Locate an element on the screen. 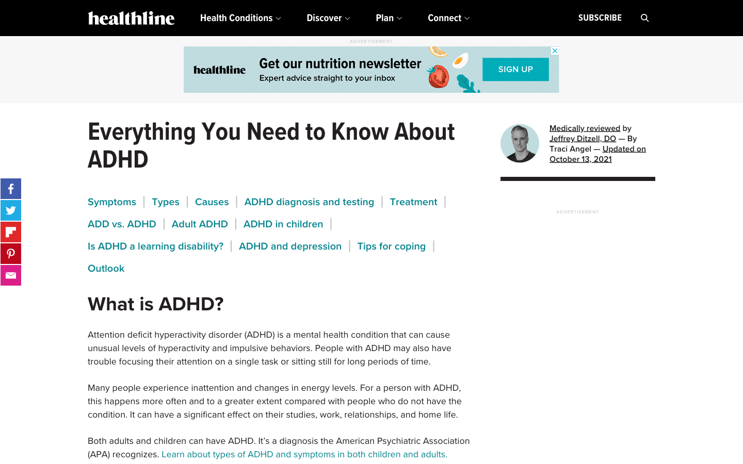  the search bar, key in "Insomnia" and search is located at coordinates (644, 18).